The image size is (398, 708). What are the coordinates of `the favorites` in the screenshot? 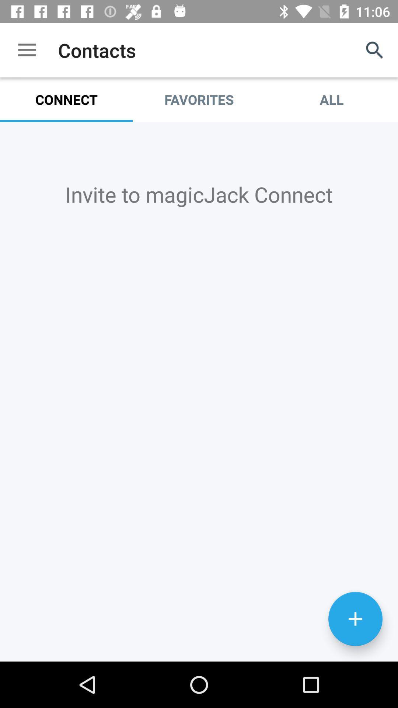 It's located at (199, 99).